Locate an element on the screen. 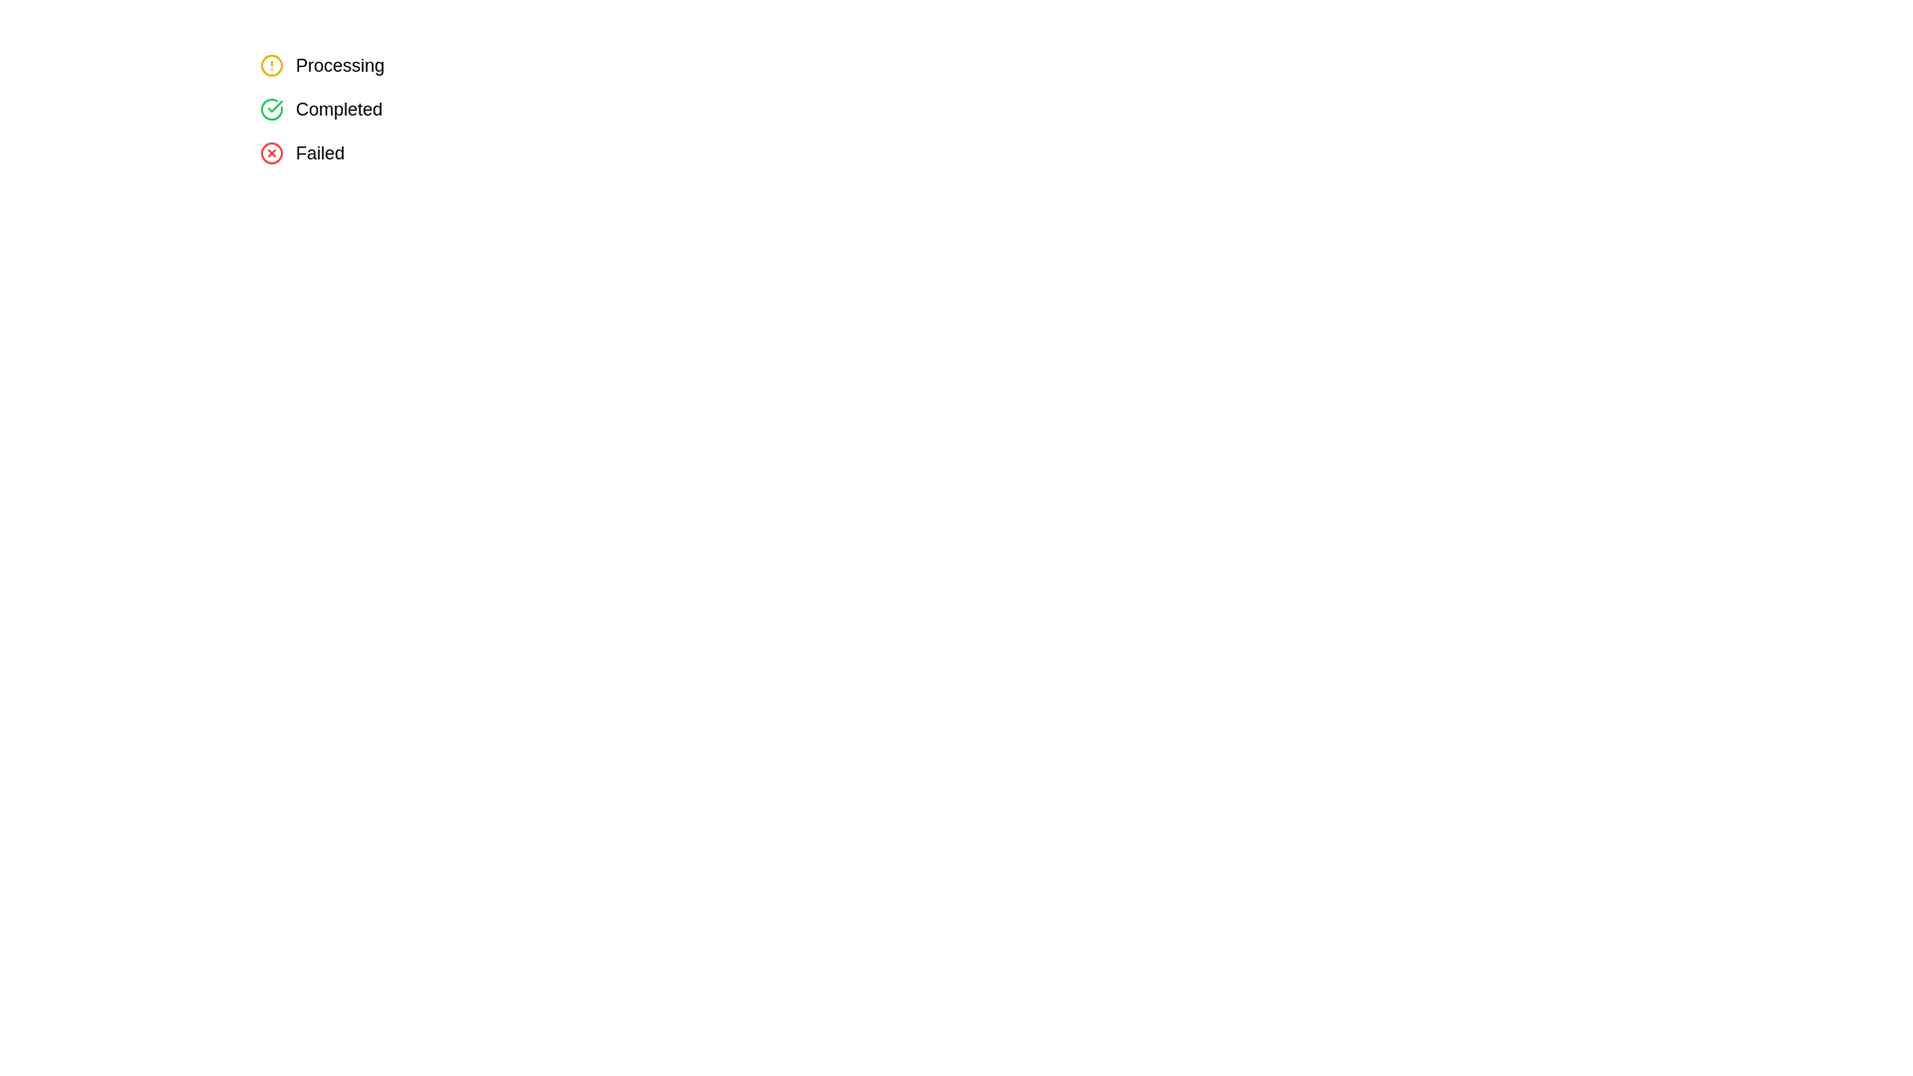 Image resolution: width=1913 pixels, height=1076 pixels. the 'Completed' text label, which is styled in a larger bold font and positioned to the right of a green checkmark icon, indicating completion status is located at coordinates (339, 110).